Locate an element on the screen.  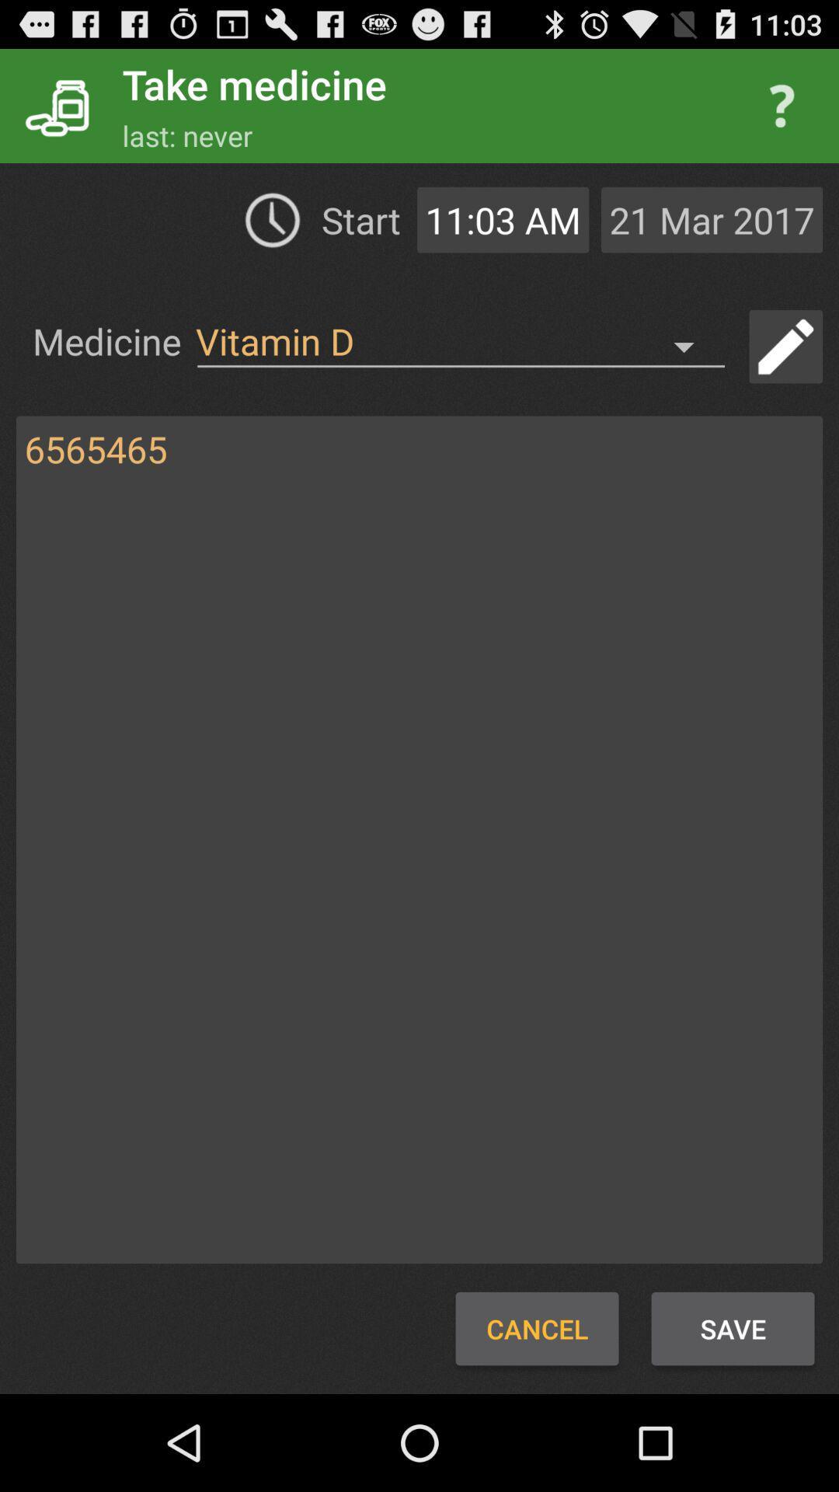
help is located at coordinates (782, 105).